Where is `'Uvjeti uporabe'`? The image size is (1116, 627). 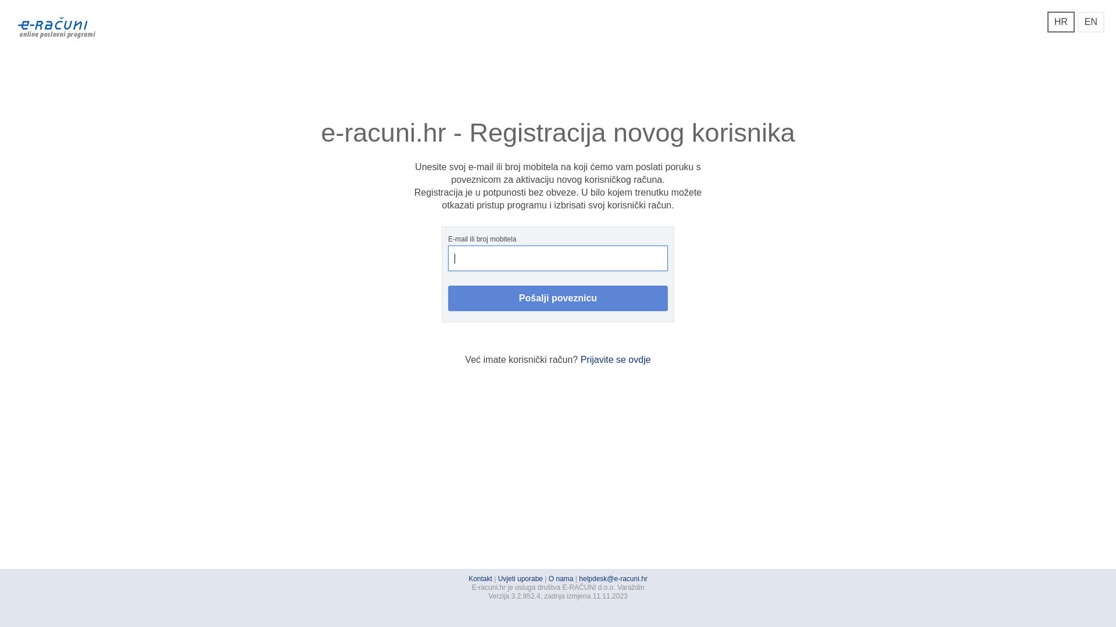
'Uvjeti uporabe' is located at coordinates (520, 578).